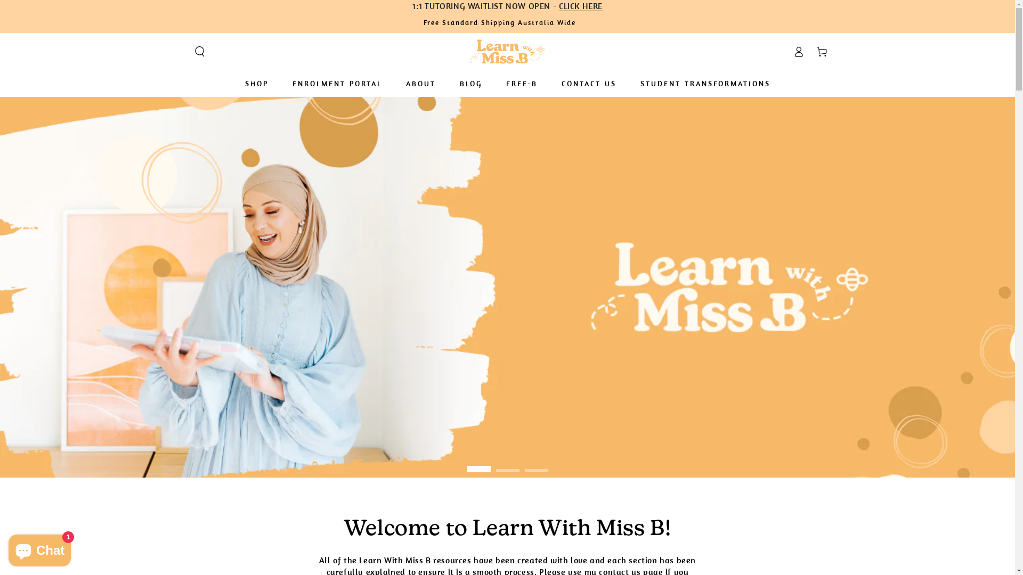  I want to click on 'STUDENT TRANSFORMATIONS', so click(705, 83).